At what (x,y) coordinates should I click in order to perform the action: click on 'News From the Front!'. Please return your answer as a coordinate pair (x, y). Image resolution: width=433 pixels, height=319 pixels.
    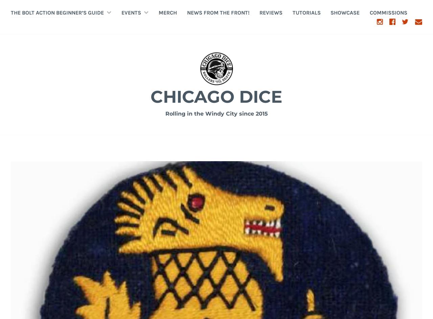
    Looking at the image, I should click on (218, 12).